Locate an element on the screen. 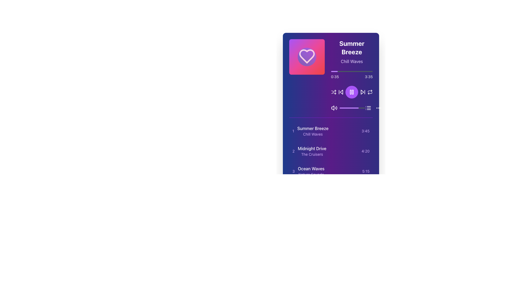 The width and height of the screenshot is (509, 286). the text label displaying 'Midnight Drive' by 'The Cruisers', which is the second entry is located at coordinates (309, 151).